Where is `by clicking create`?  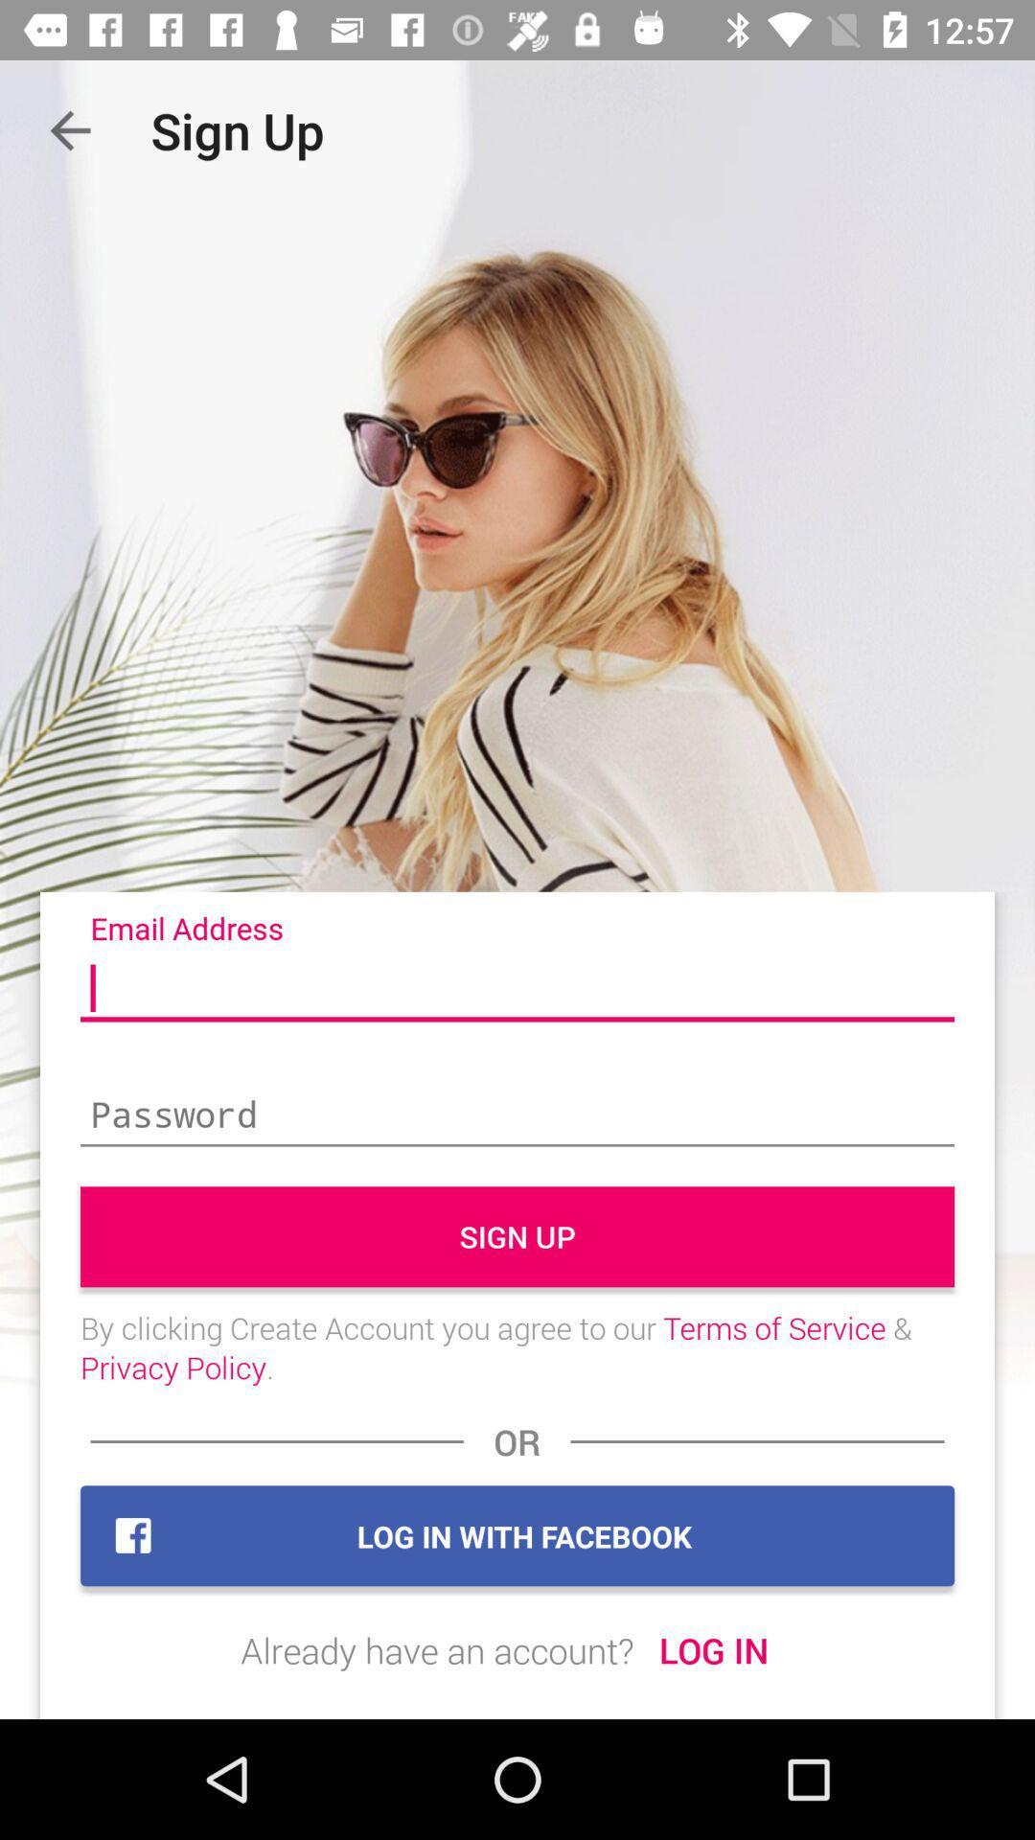 by clicking create is located at coordinates (517, 1346).